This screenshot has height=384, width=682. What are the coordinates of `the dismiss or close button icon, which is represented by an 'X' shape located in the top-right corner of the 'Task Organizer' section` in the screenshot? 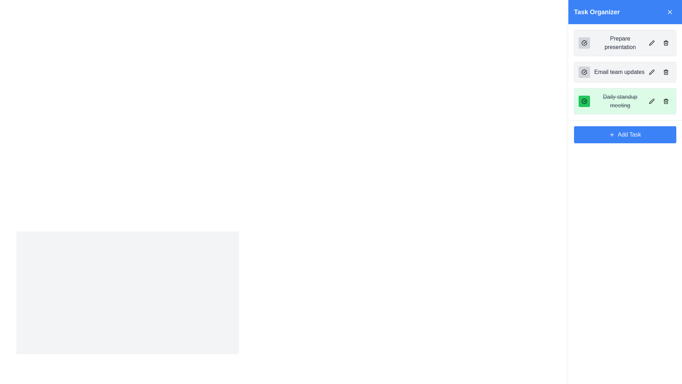 It's located at (670, 12).